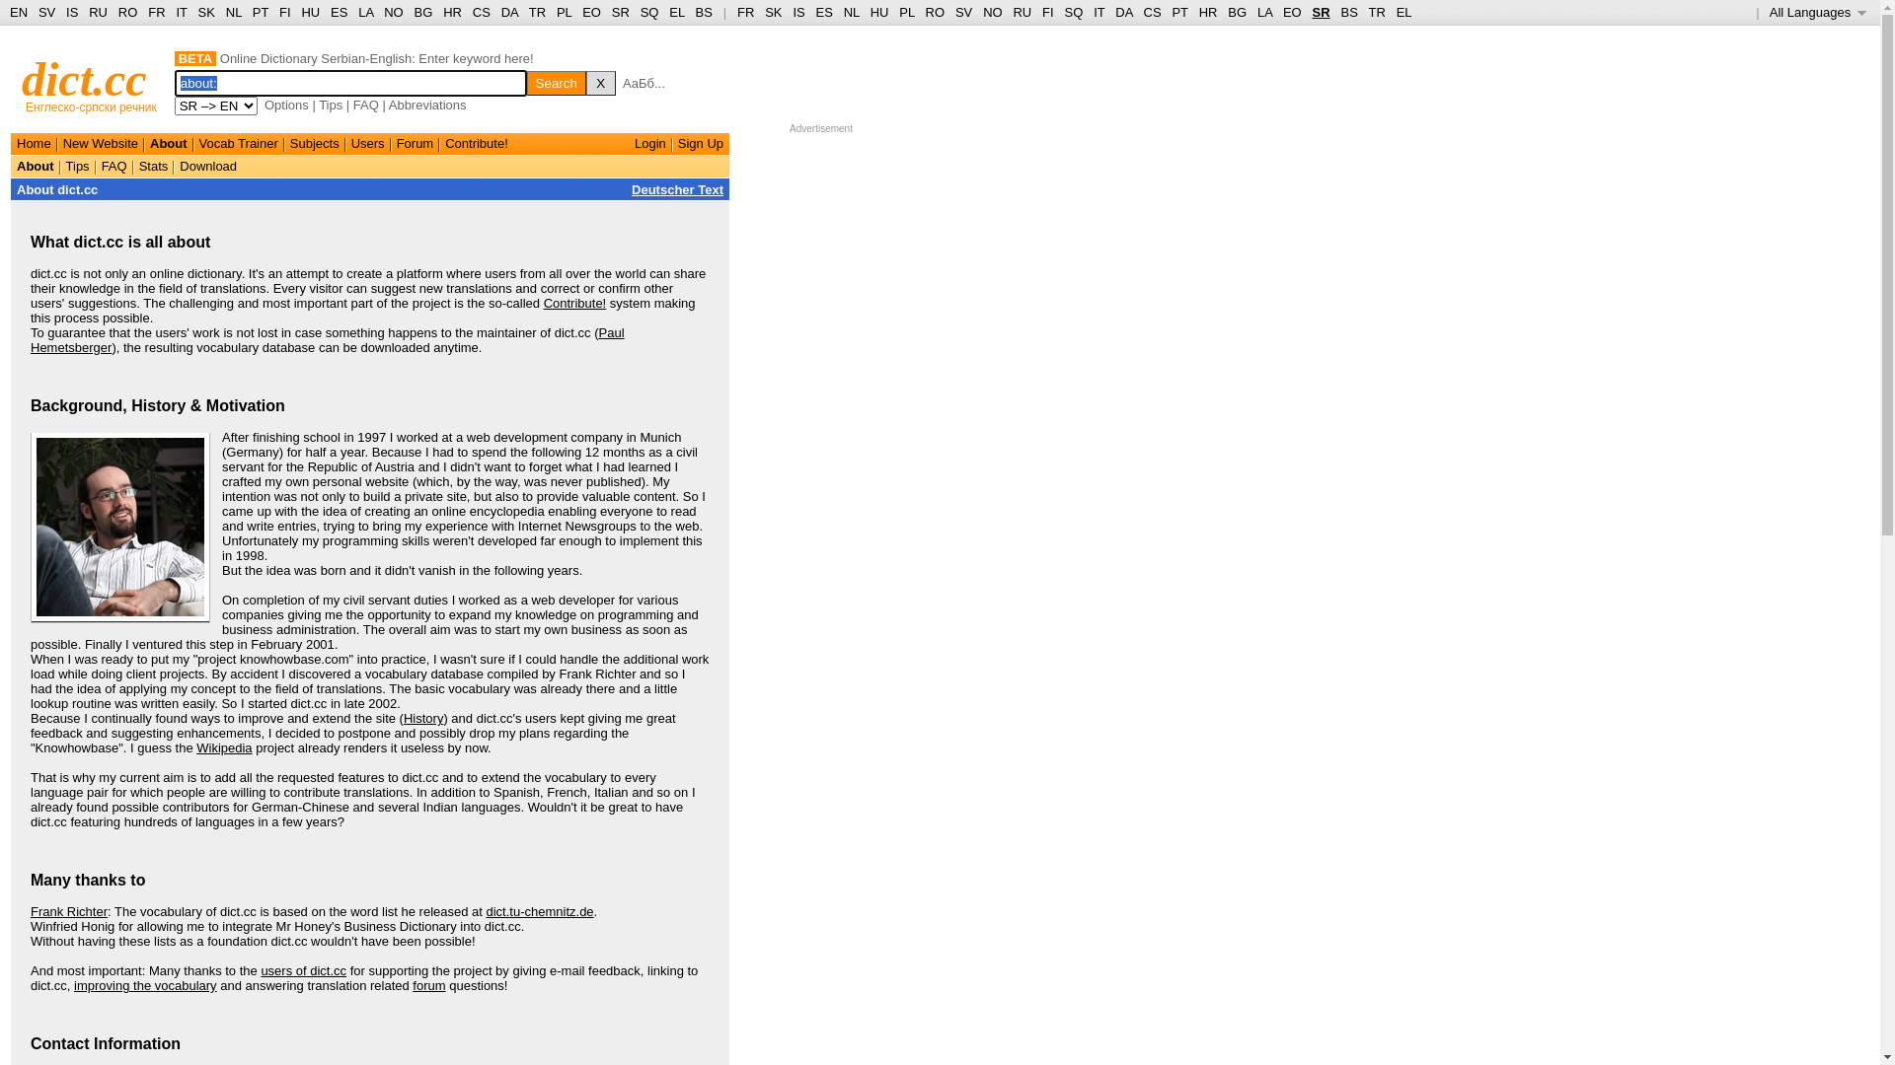  I want to click on 'users of dict.cc', so click(302, 969).